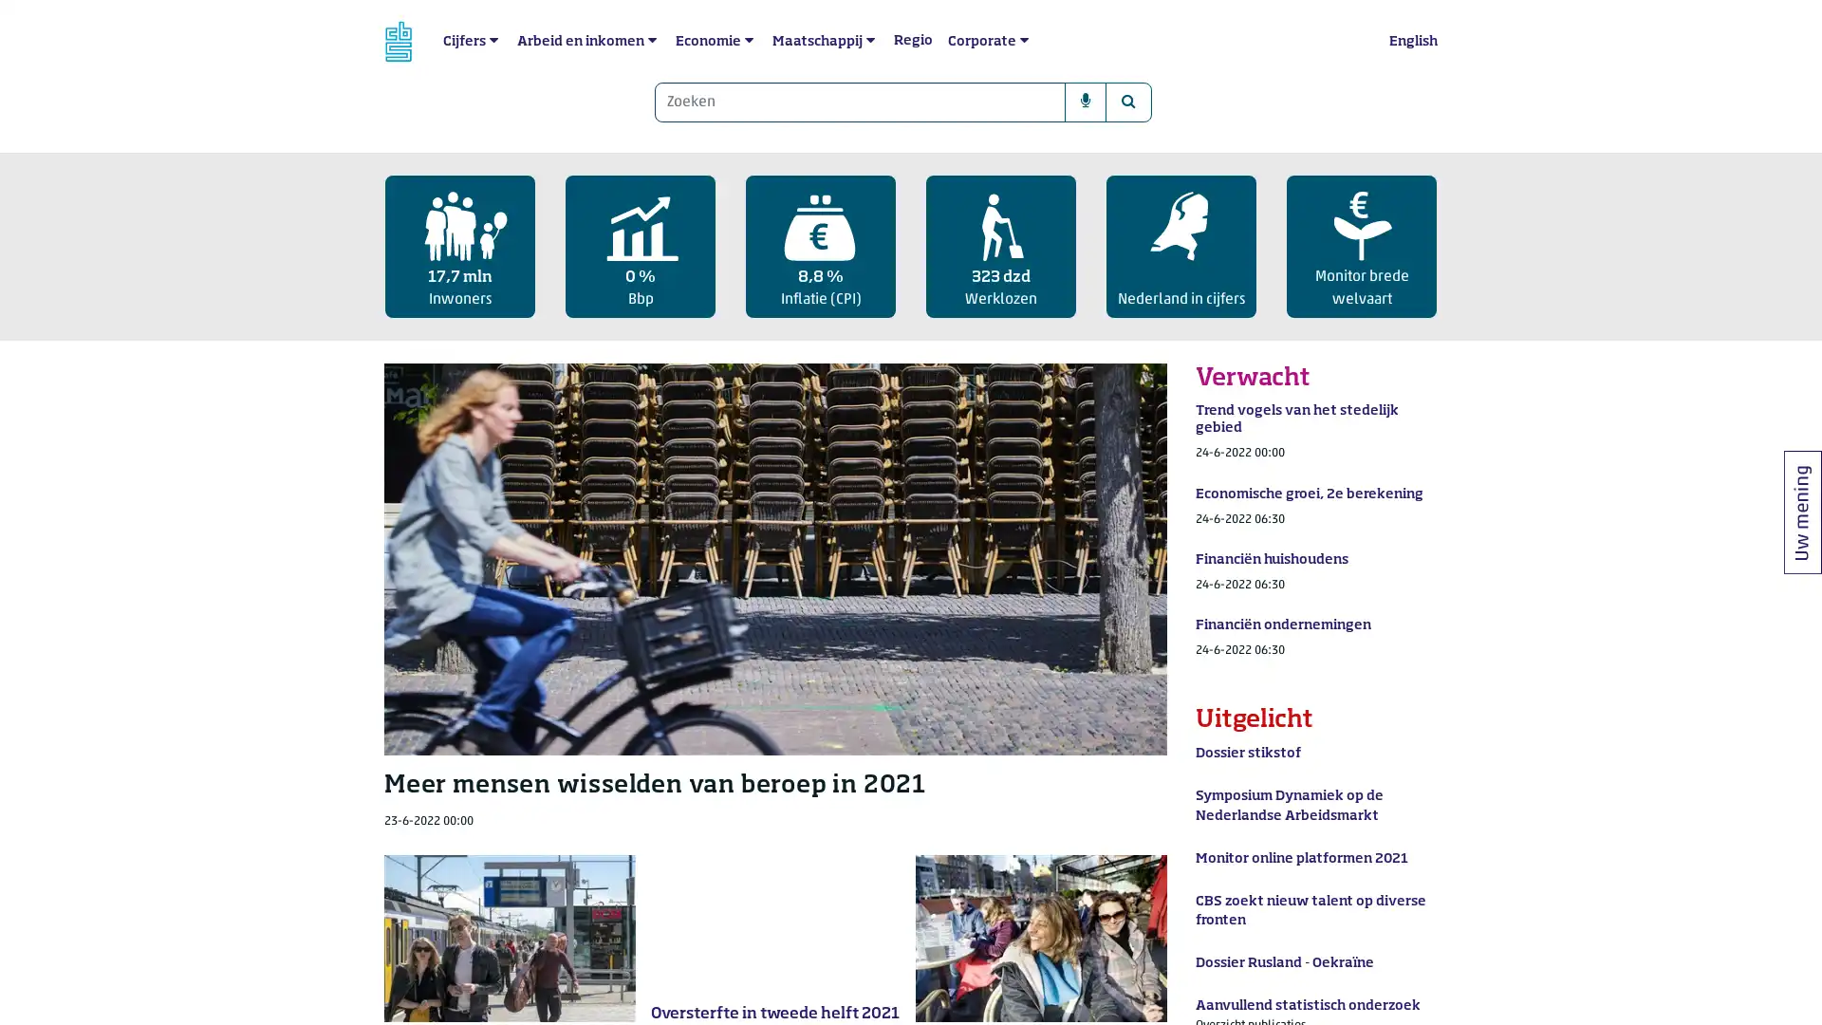 The width and height of the screenshot is (1822, 1025). I want to click on submenu Arbeid en inkomen, so click(652, 40).